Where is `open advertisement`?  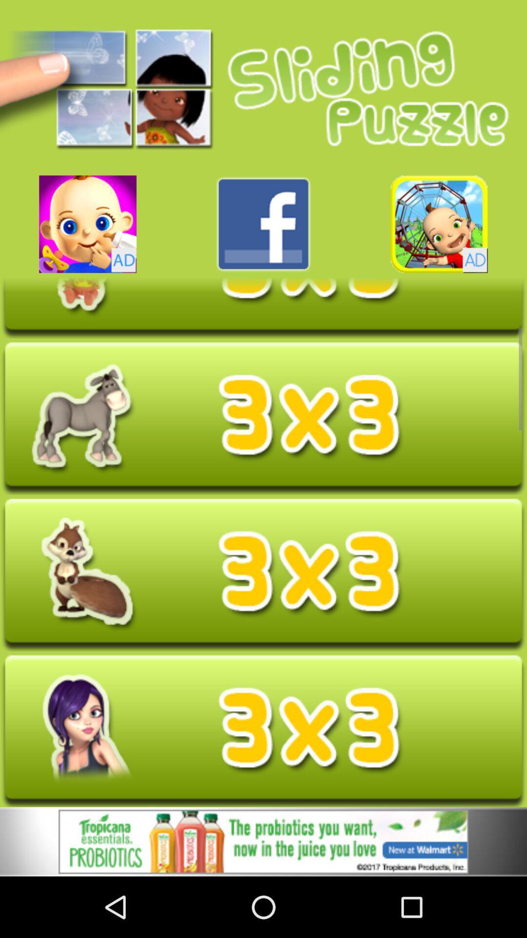 open advertisement is located at coordinates (263, 841).